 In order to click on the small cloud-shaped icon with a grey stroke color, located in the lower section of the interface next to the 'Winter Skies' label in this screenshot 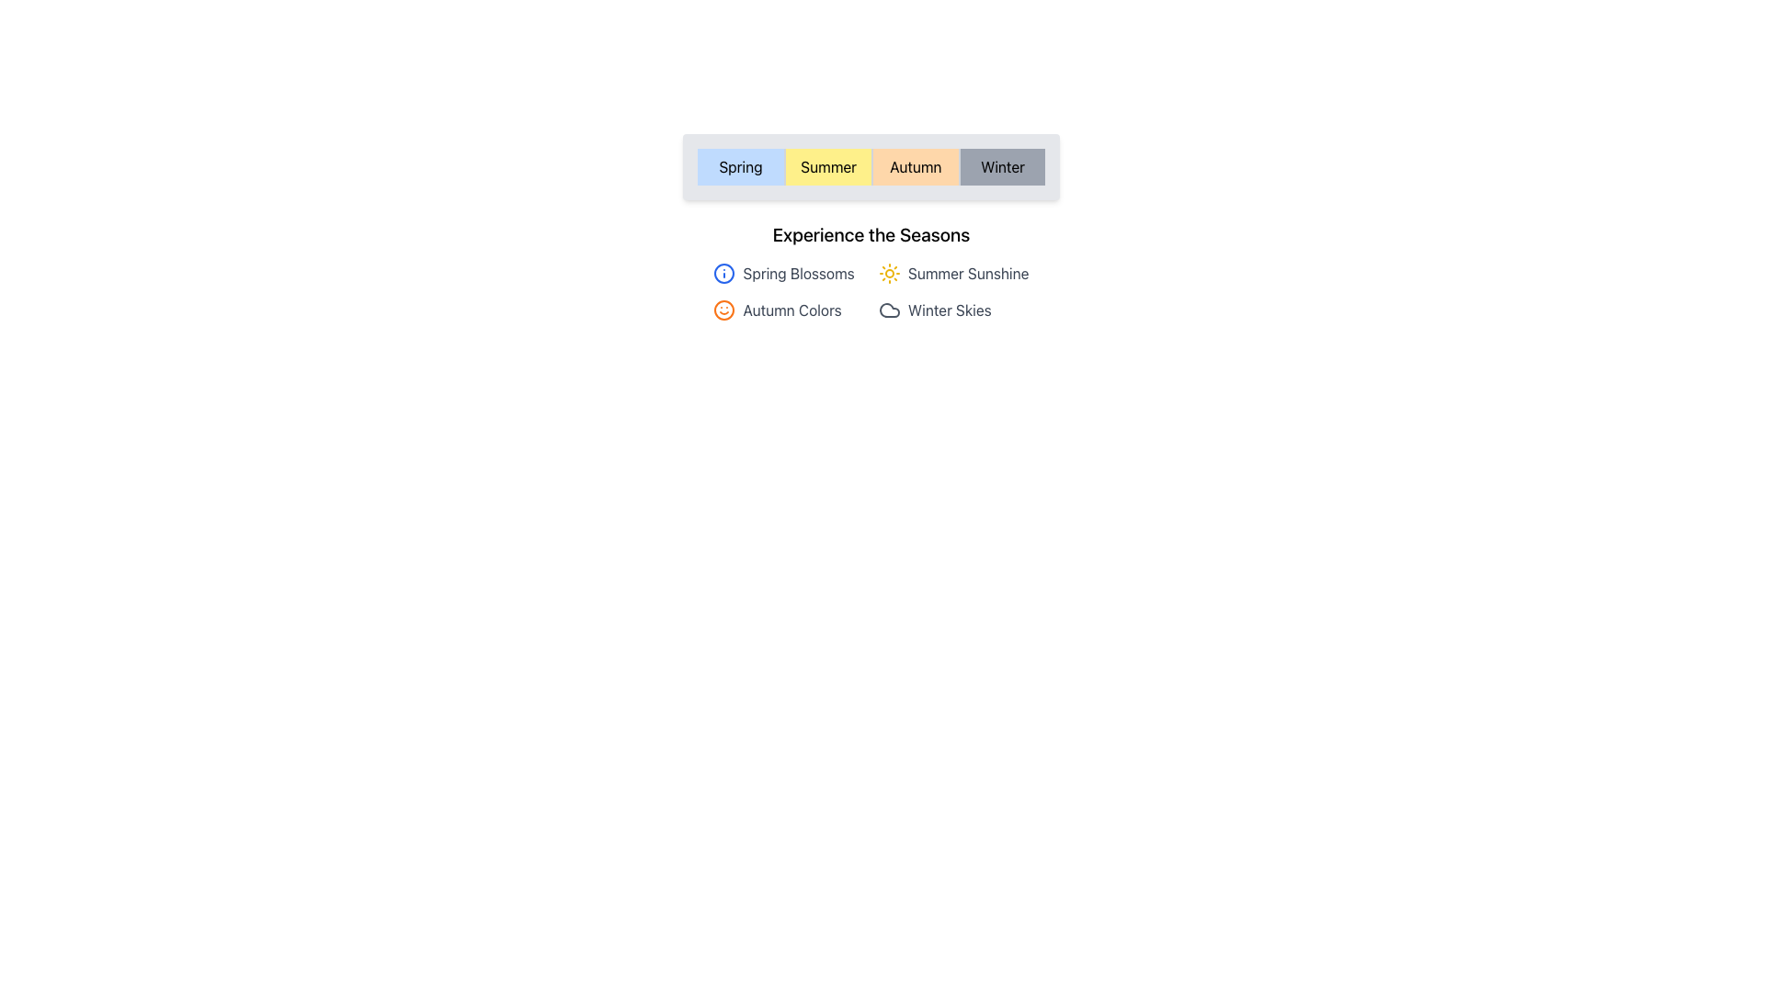, I will do `click(890, 310)`.